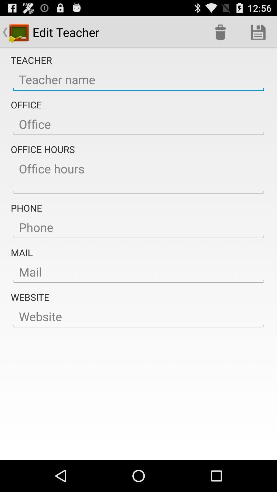  What do you see at coordinates (138, 227) in the screenshot?
I see `type in` at bounding box center [138, 227].